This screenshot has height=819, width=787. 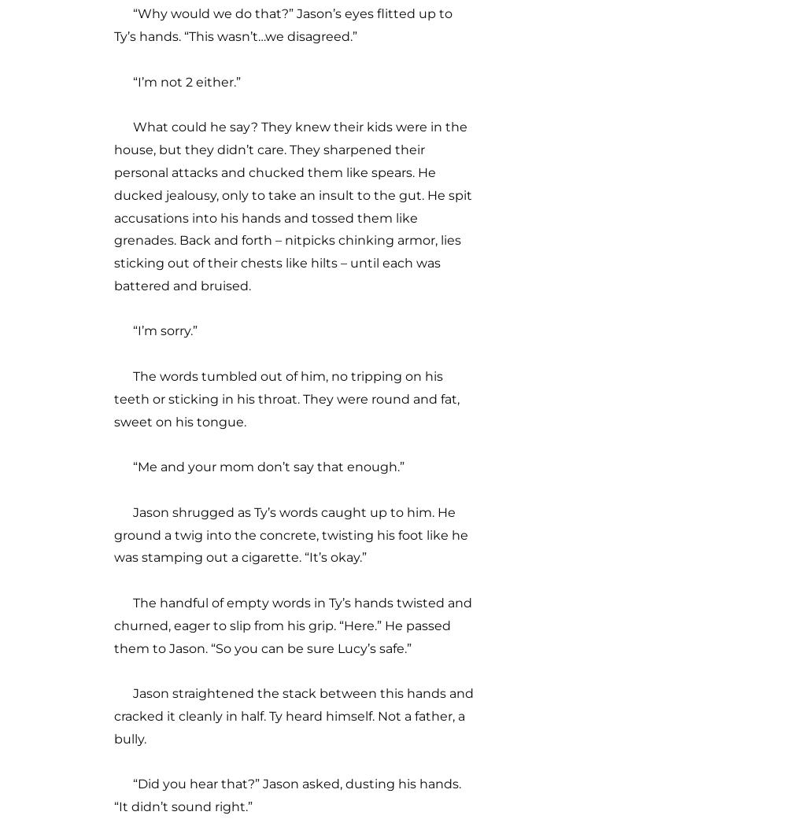 I want to click on 'The words tumbled out of him, no tripping on his teeth or sticking in his throat. They were round and fat, sweet on his tongue.', so click(x=286, y=397).